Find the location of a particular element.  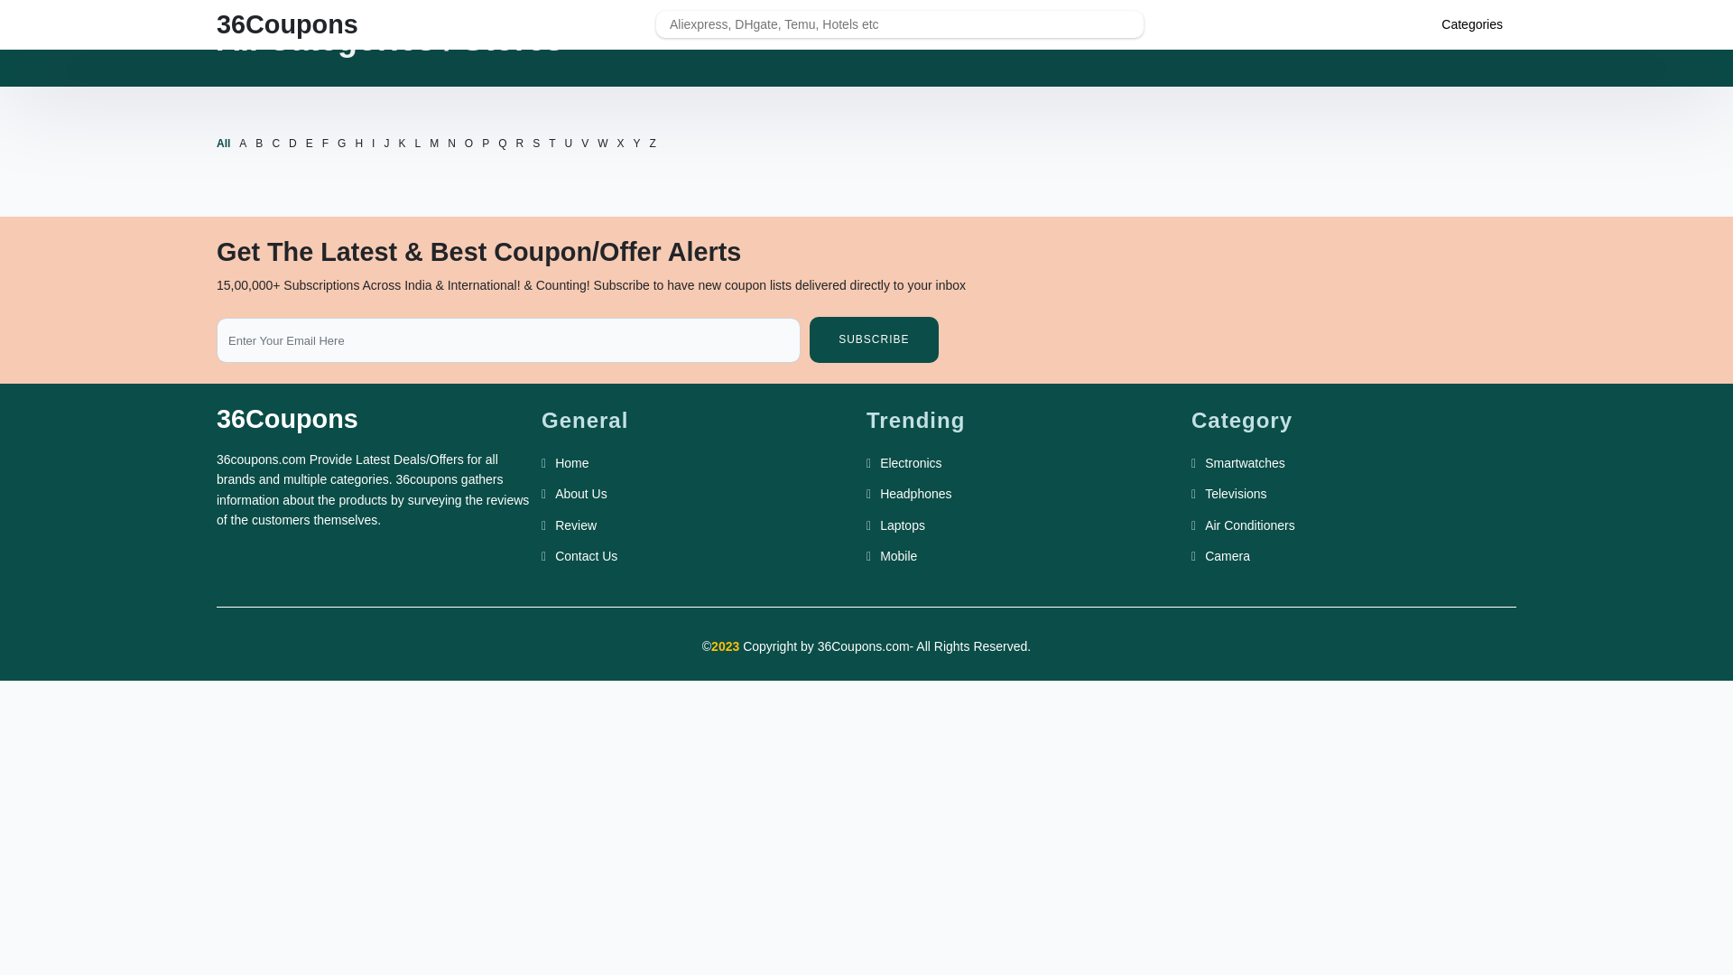

'About Us' is located at coordinates (580, 494).